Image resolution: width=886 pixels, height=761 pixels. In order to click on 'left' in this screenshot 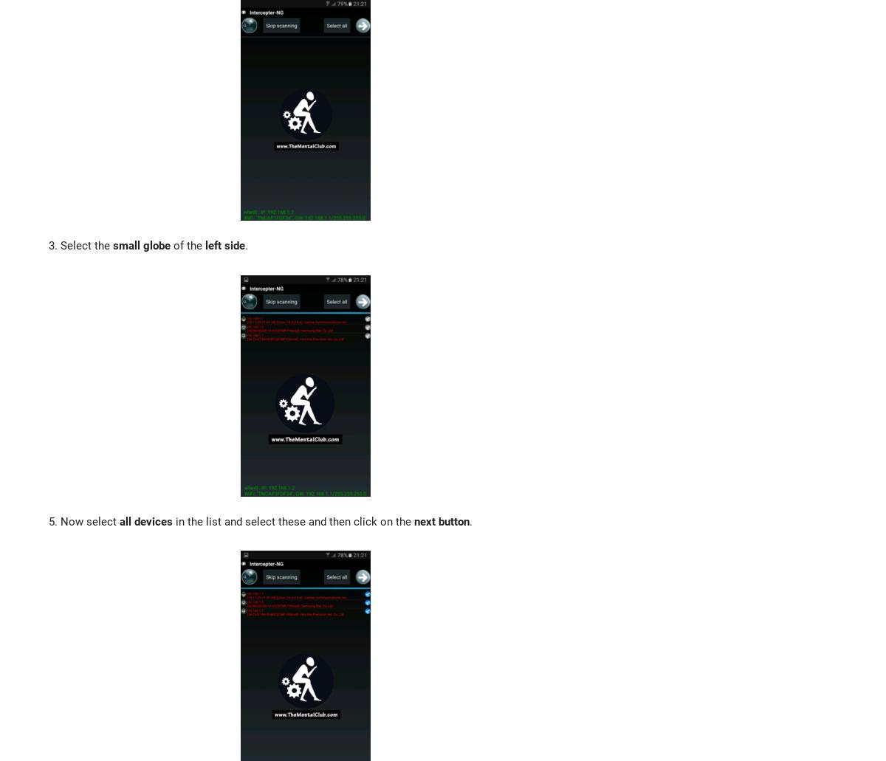, I will do `click(212, 245)`.